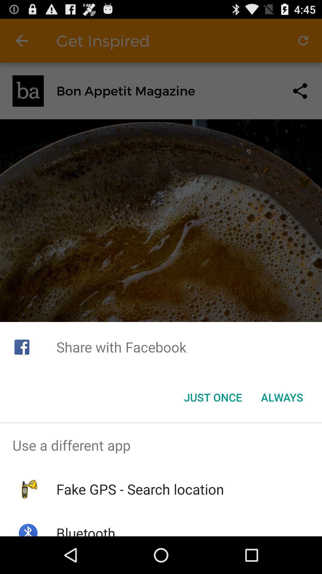 The image size is (322, 574). I want to click on the use a different icon, so click(161, 445).